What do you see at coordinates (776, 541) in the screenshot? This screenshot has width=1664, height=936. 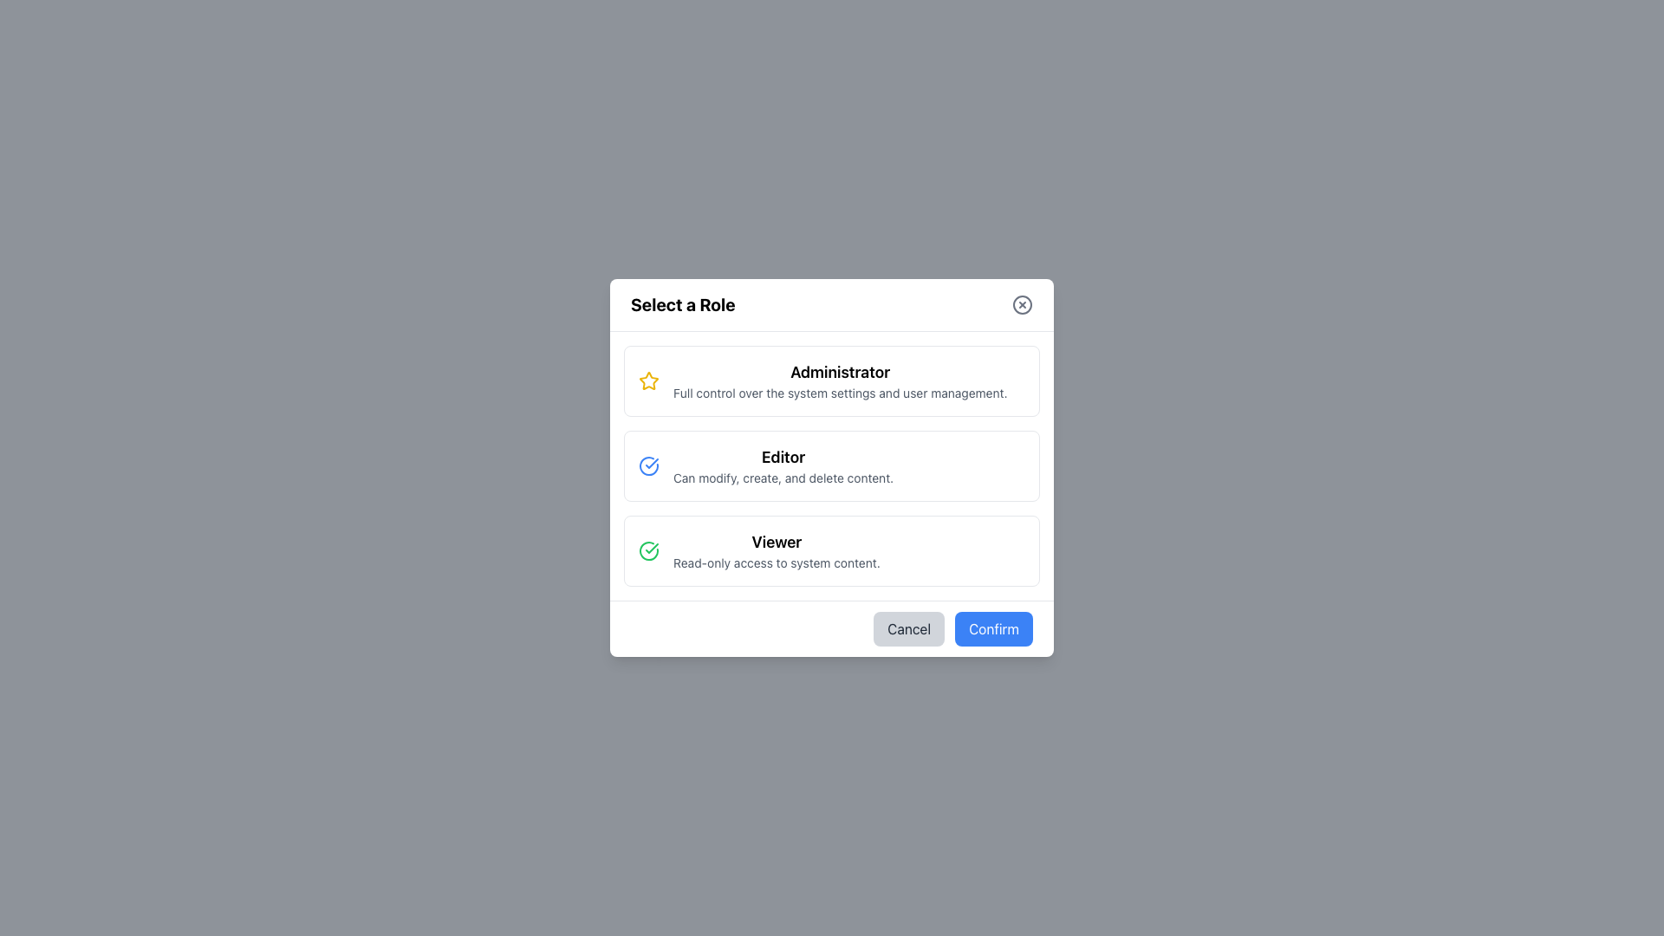 I see `the text label indicating the title or name of the viewer role, located at the center of the modal, three-quarters down vertically` at bounding box center [776, 541].